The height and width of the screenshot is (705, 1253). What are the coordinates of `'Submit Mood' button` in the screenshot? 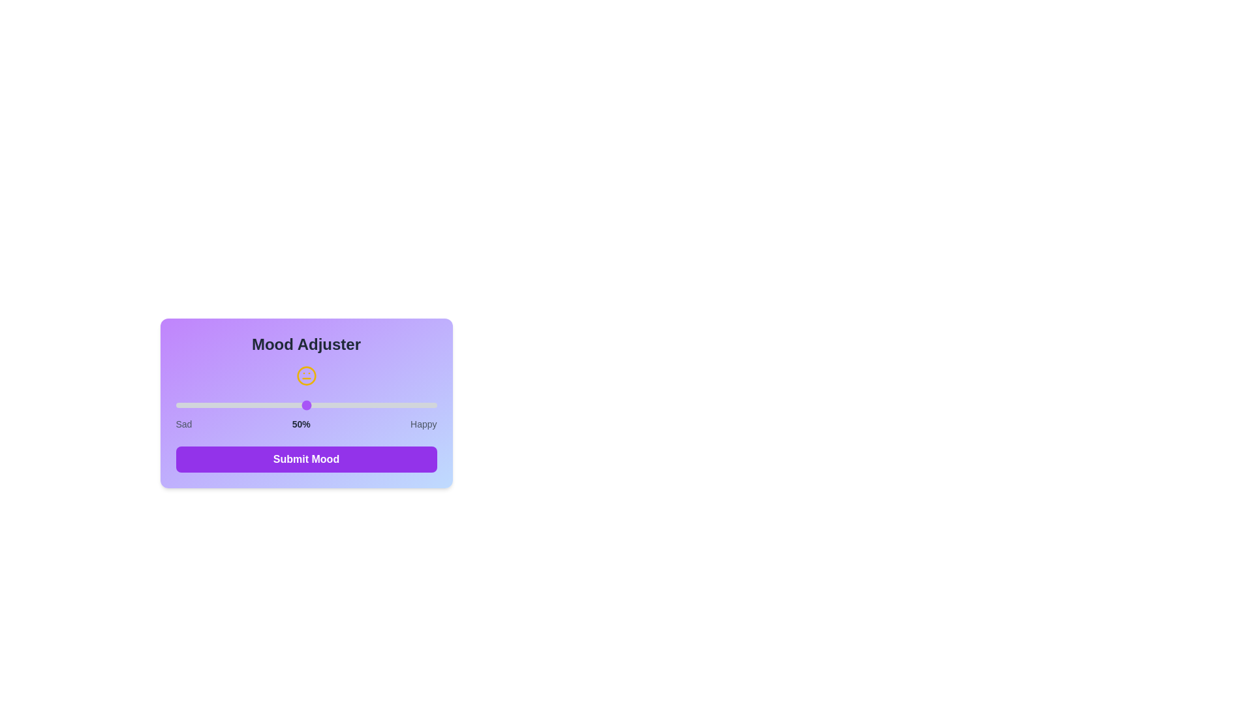 It's located at (305, 459).